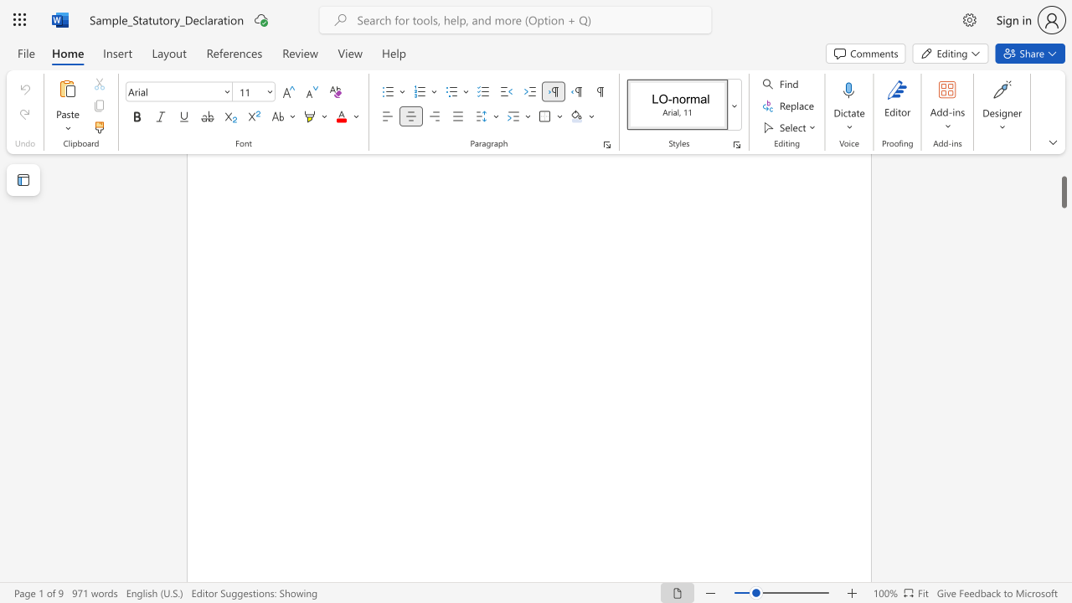 This screenshot has height=603, width=1072. I want to click on the scrollbar and move down 5550 pixels, so click(1063, 183).